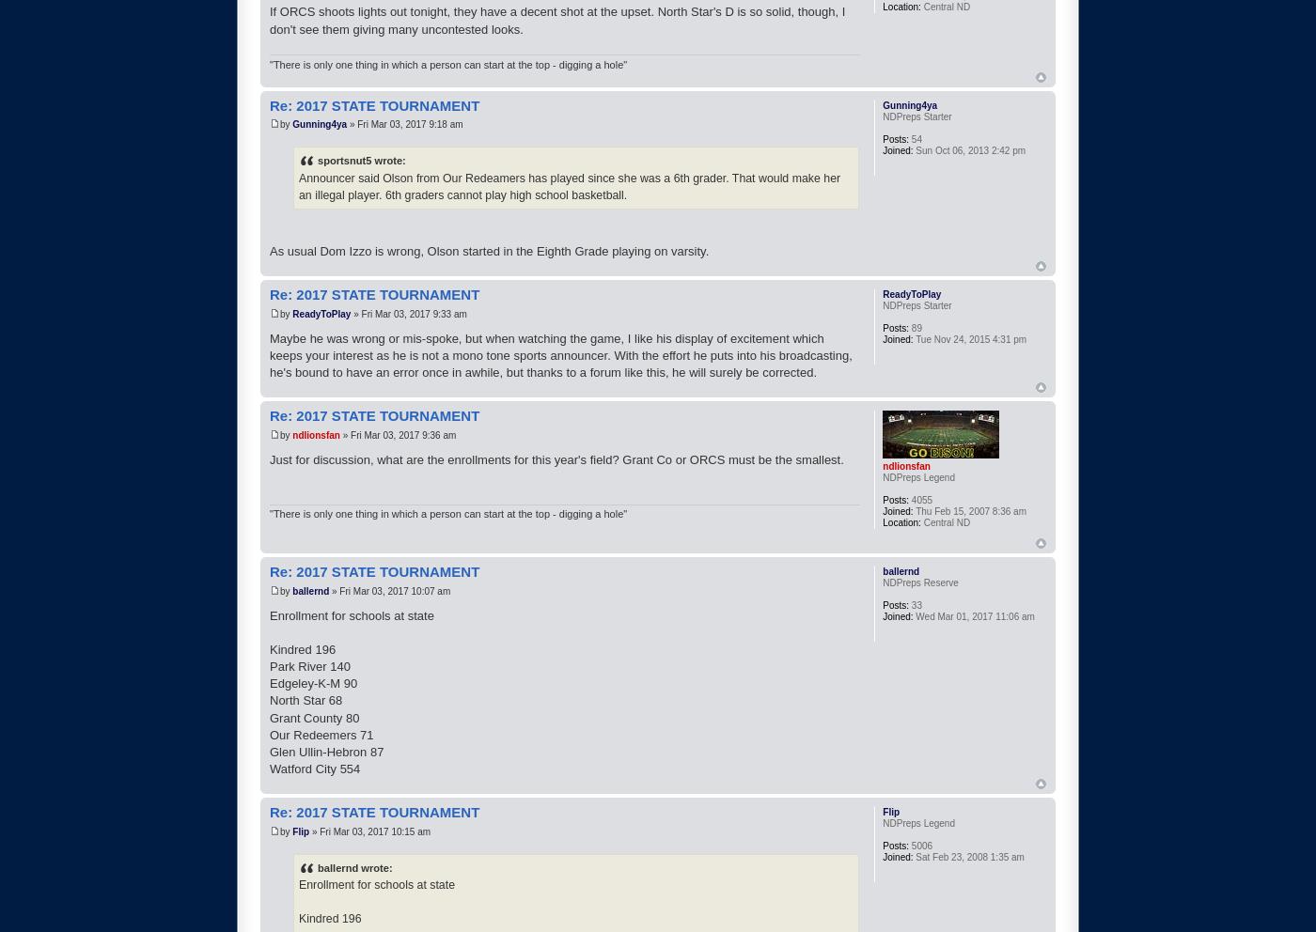 The image size is (1316, 932). Describe the element at coordinates (270, 666) in the screenshot. I see `'Park River 140'` at that location.